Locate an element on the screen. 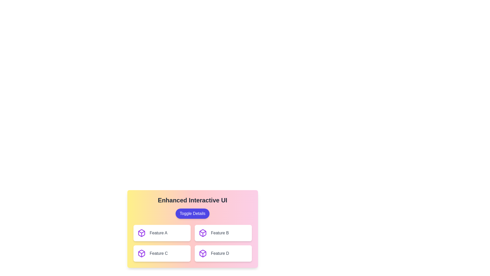 This screenshot has height=276, width=490. the purple 3D box-like decorative icon labeled 'Feature D' located in the bottom-right corner of the fourth card in a two-by-two grid layout is located at coordinates (202, 253).